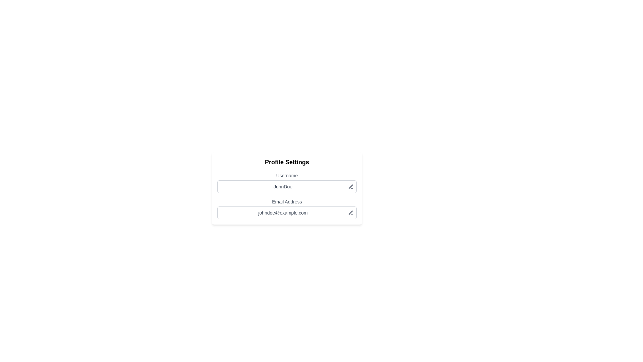  Describe the element at coordinates (287, 208) in the screenshot. I see `email information displayed in the Email Address field, which is labeled 'Email Address' and shows 'johndoe@example.com' in a bordered box with a pencil icon next to it` at that location.